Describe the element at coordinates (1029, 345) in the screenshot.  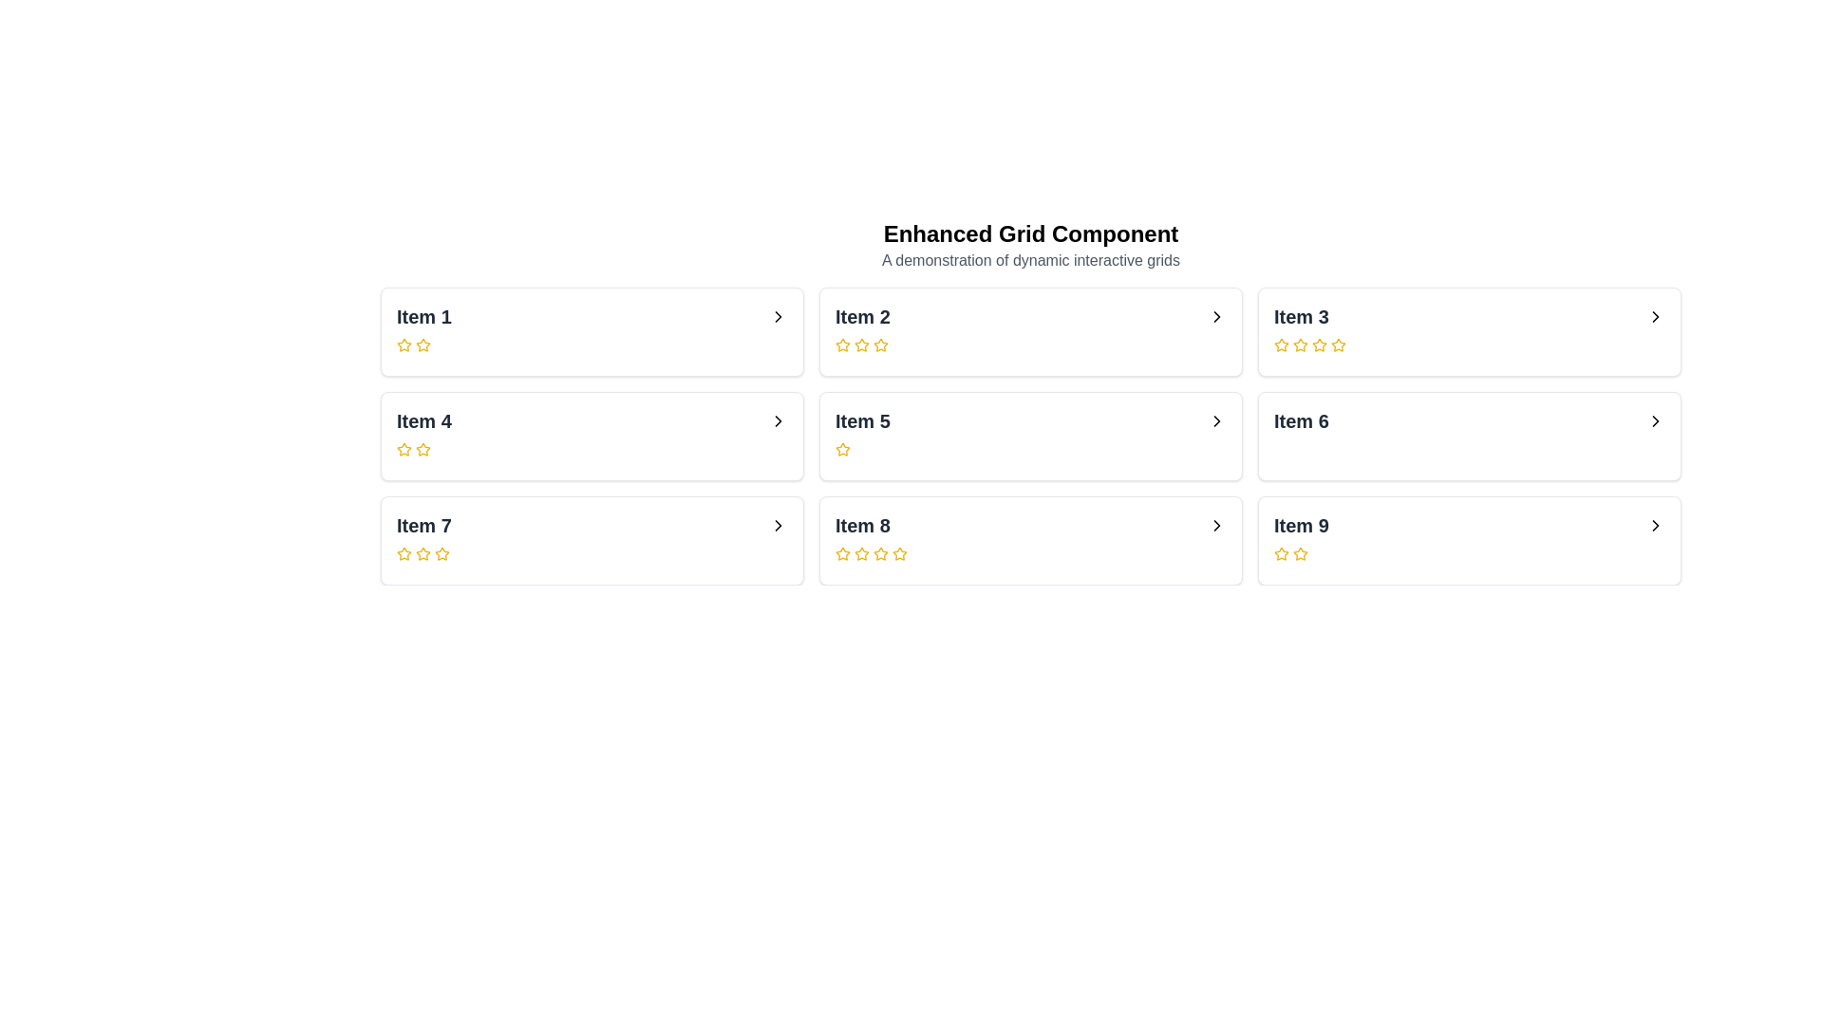
I see `the Rating stars component located within the 'Item 2' card, positioned below the card title` at that location.